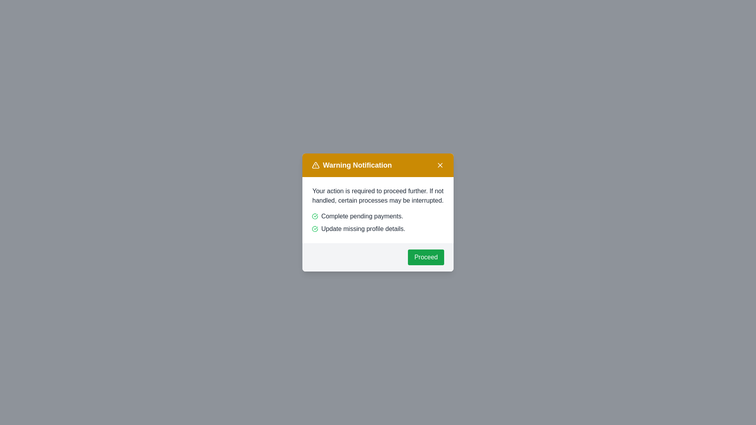  Describe the element at coordinates (426, 257) in the screenshot. I see `the action button located in the bottom-right corner of the modal dialog box` at that location.